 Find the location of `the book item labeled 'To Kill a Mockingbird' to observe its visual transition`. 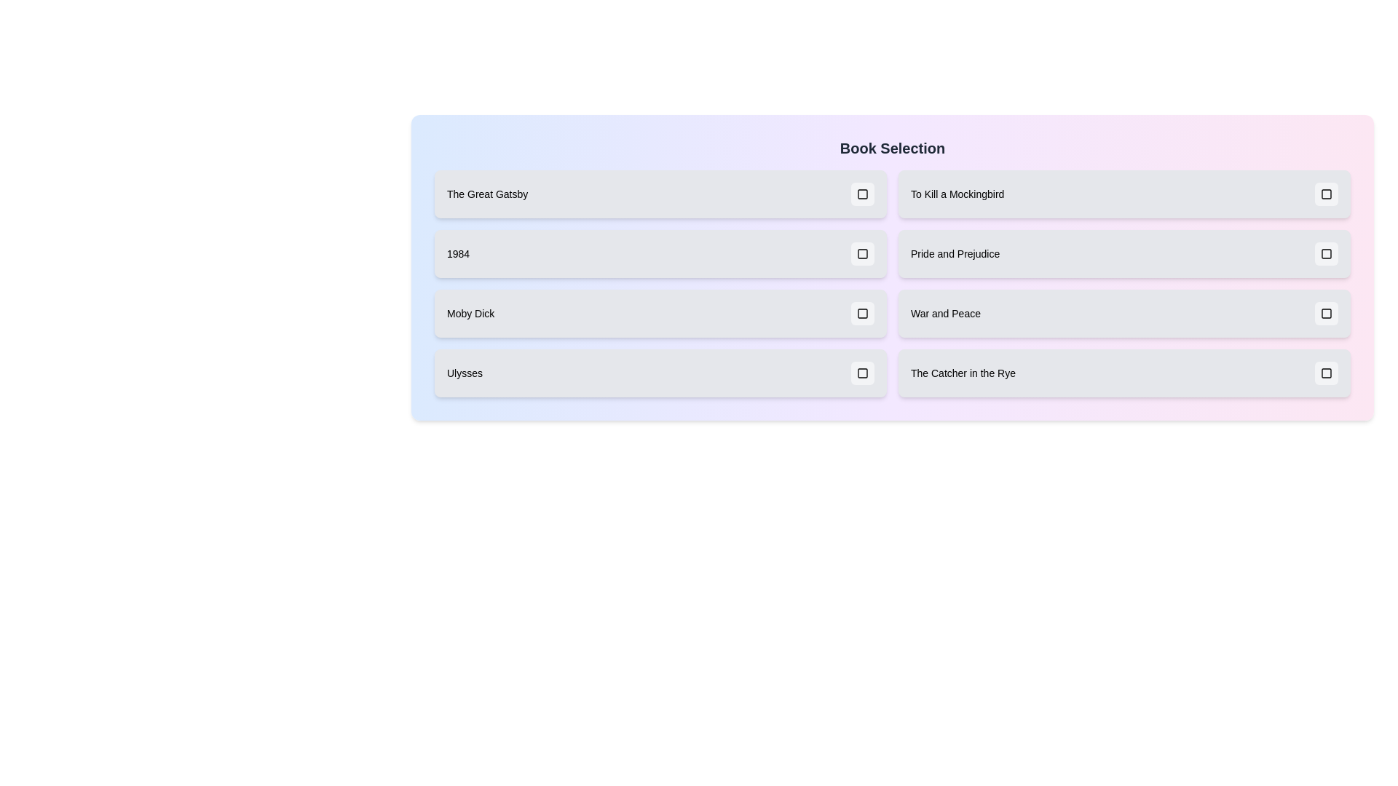

the book item labeled 'To Kill a Mockingbird' to observe its visual transition is located at coordinates (1123, 193).